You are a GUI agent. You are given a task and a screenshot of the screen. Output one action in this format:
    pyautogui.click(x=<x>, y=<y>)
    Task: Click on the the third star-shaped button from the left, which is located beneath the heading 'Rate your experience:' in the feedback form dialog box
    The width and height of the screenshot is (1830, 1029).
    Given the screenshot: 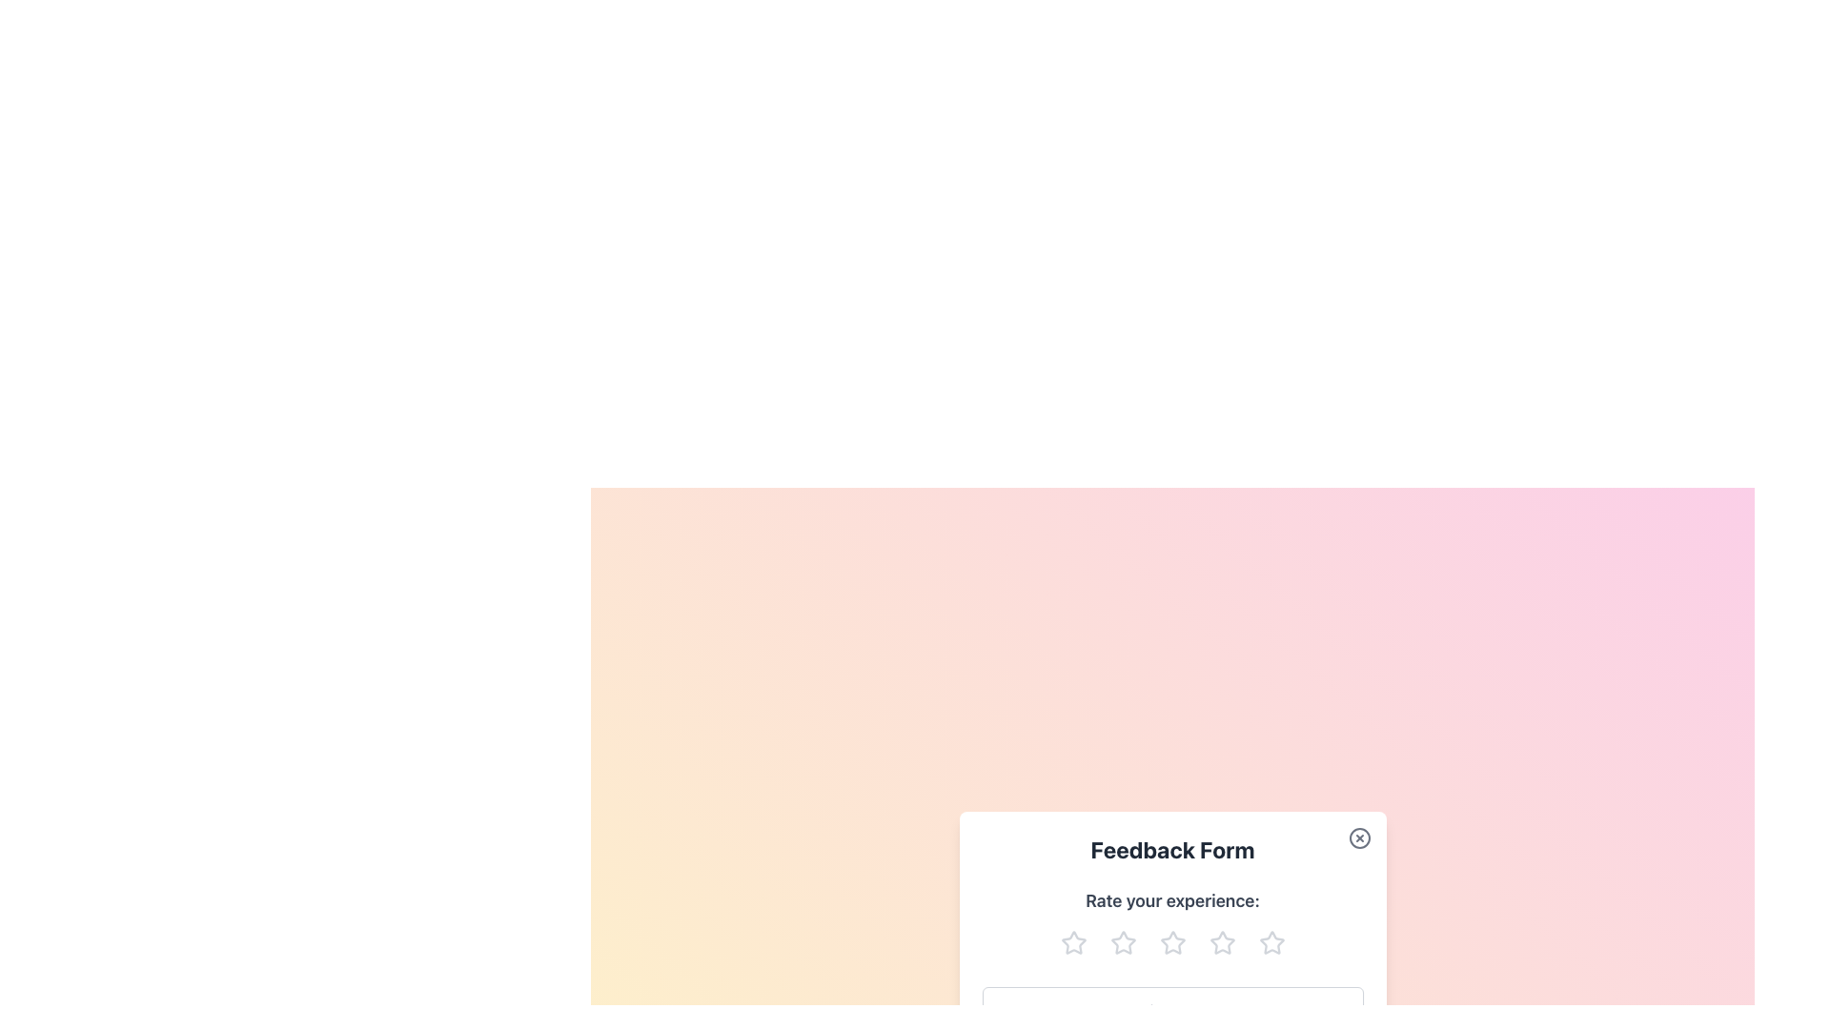 What is the action you would take?
    pyautogui.click(x=1171, y=943)
    